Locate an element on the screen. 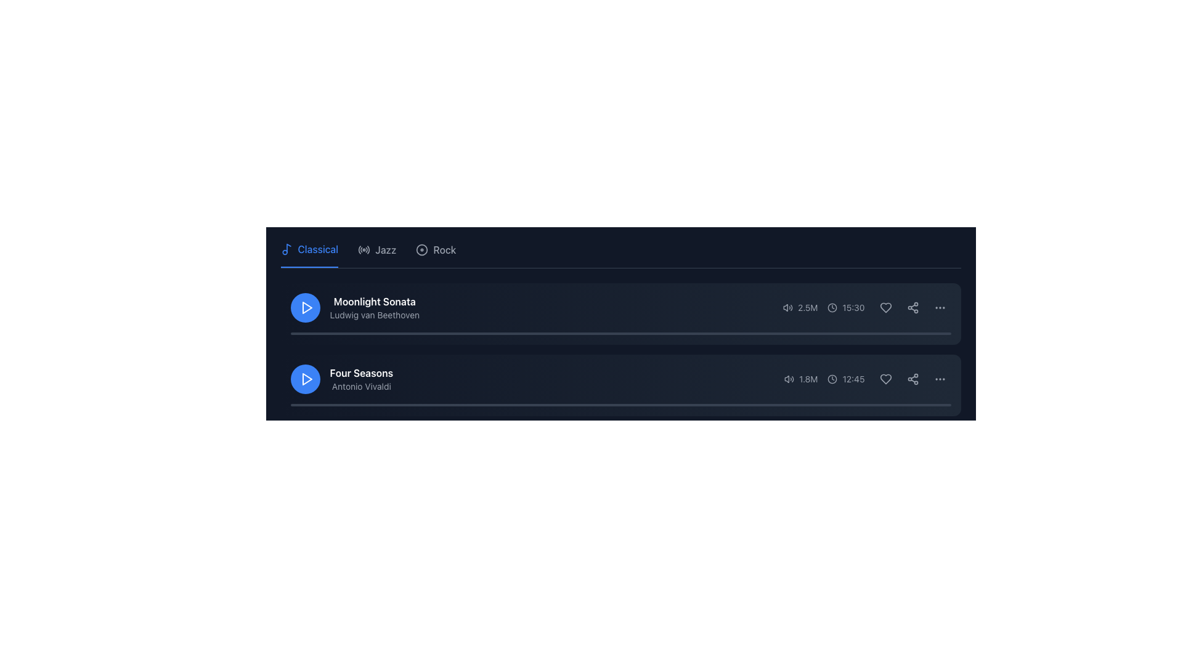 Image resolution: width=1183 pixels, height=665 pixels. time-related information displayed for the 'Four Seasons' item, located in the lower part of the interface, adjacent to the listener count (1.8M) and to the left of the interactive icon group is located at coordinates (845, 379).